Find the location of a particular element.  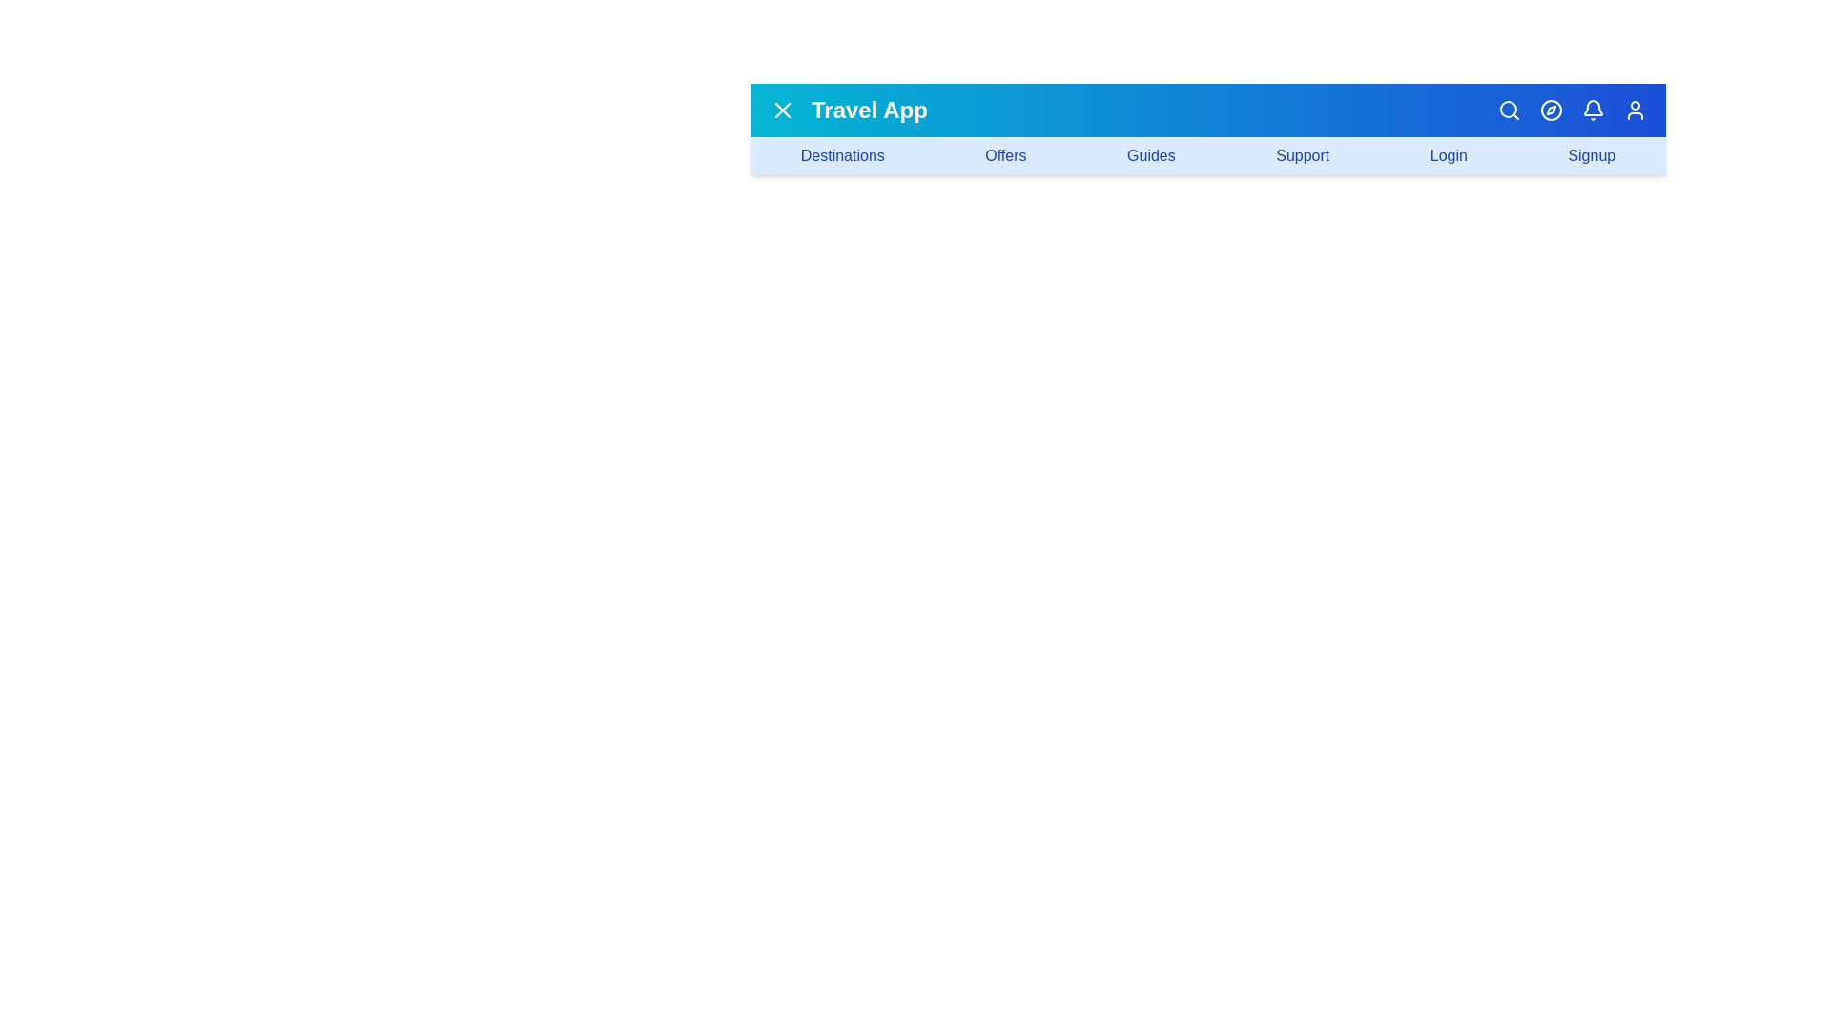

the menu item Support to observe visual feedback is located at coordinates (1302, 155).